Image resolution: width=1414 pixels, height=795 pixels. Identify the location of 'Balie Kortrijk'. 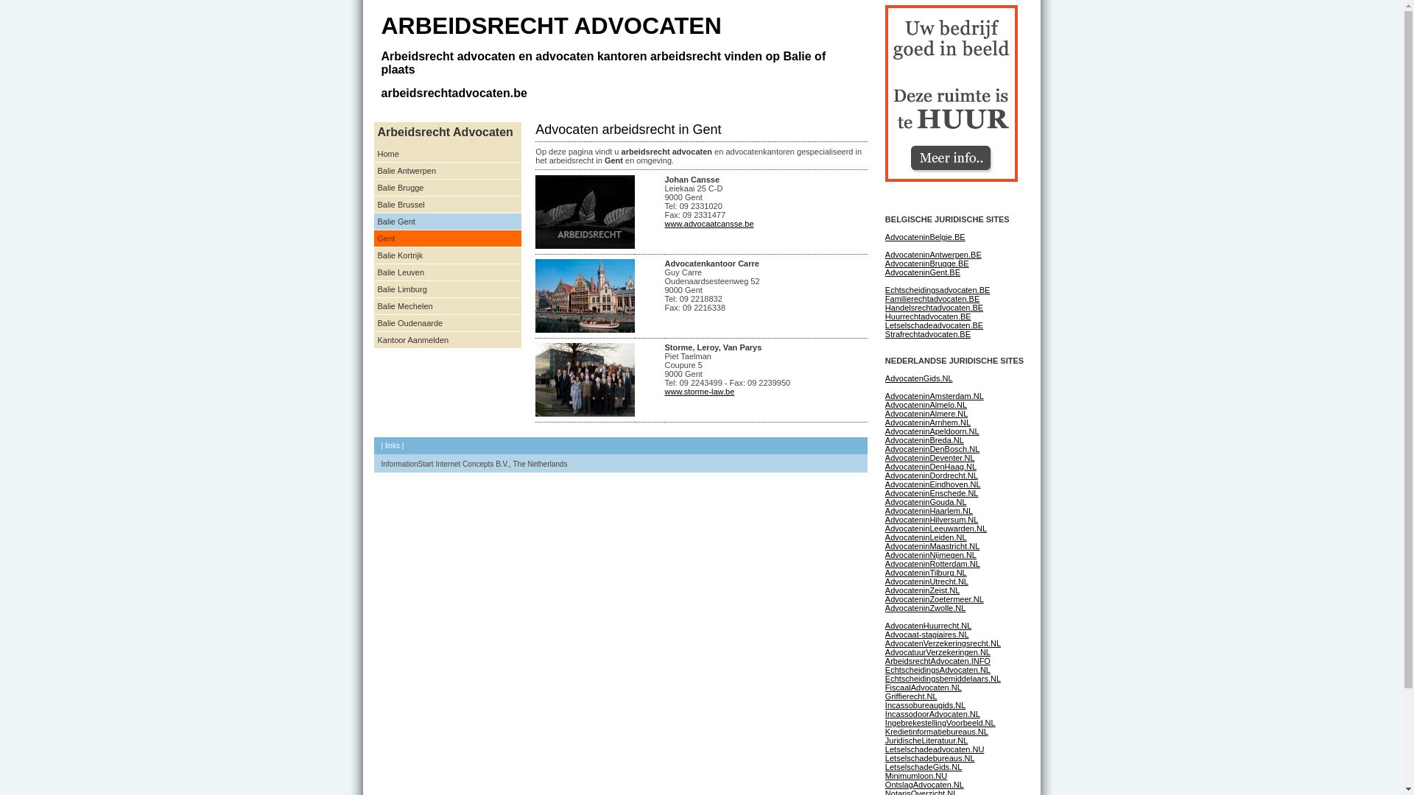
(374, 255).